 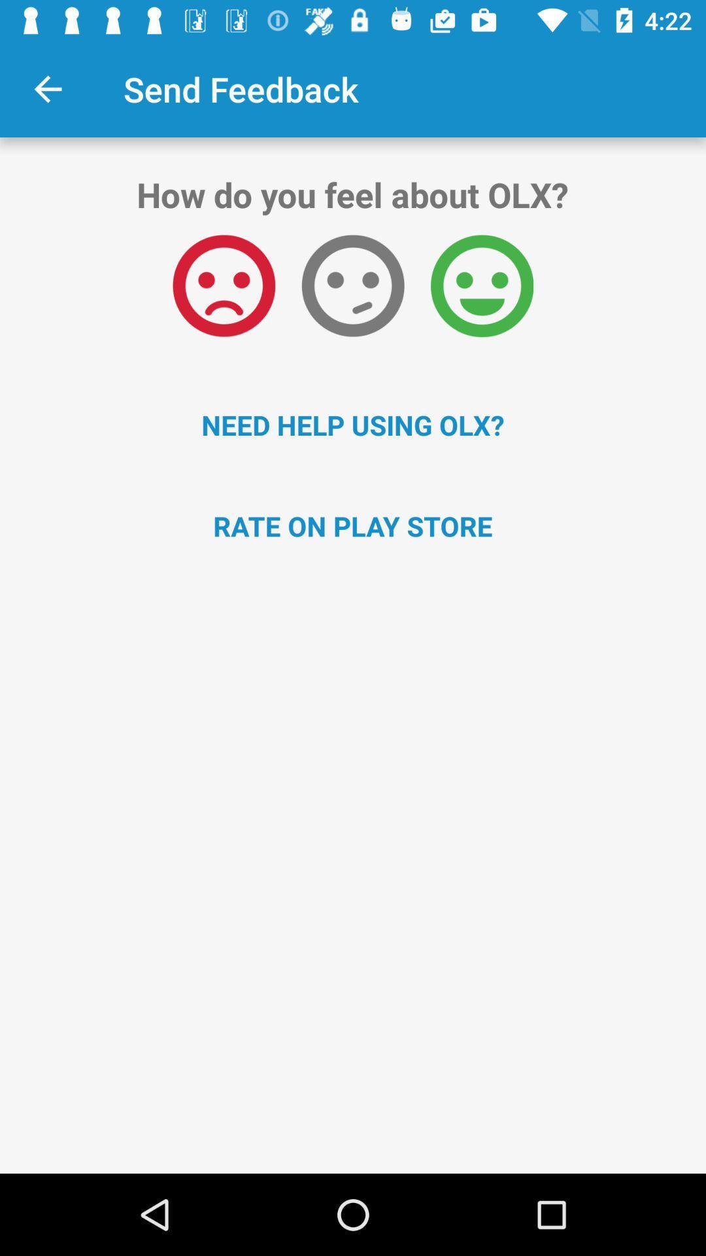 What do you see at coordinates (47, 88) in the screenshot?
I see `the item to the left of send feedback app` at bounding box center [47, 88].